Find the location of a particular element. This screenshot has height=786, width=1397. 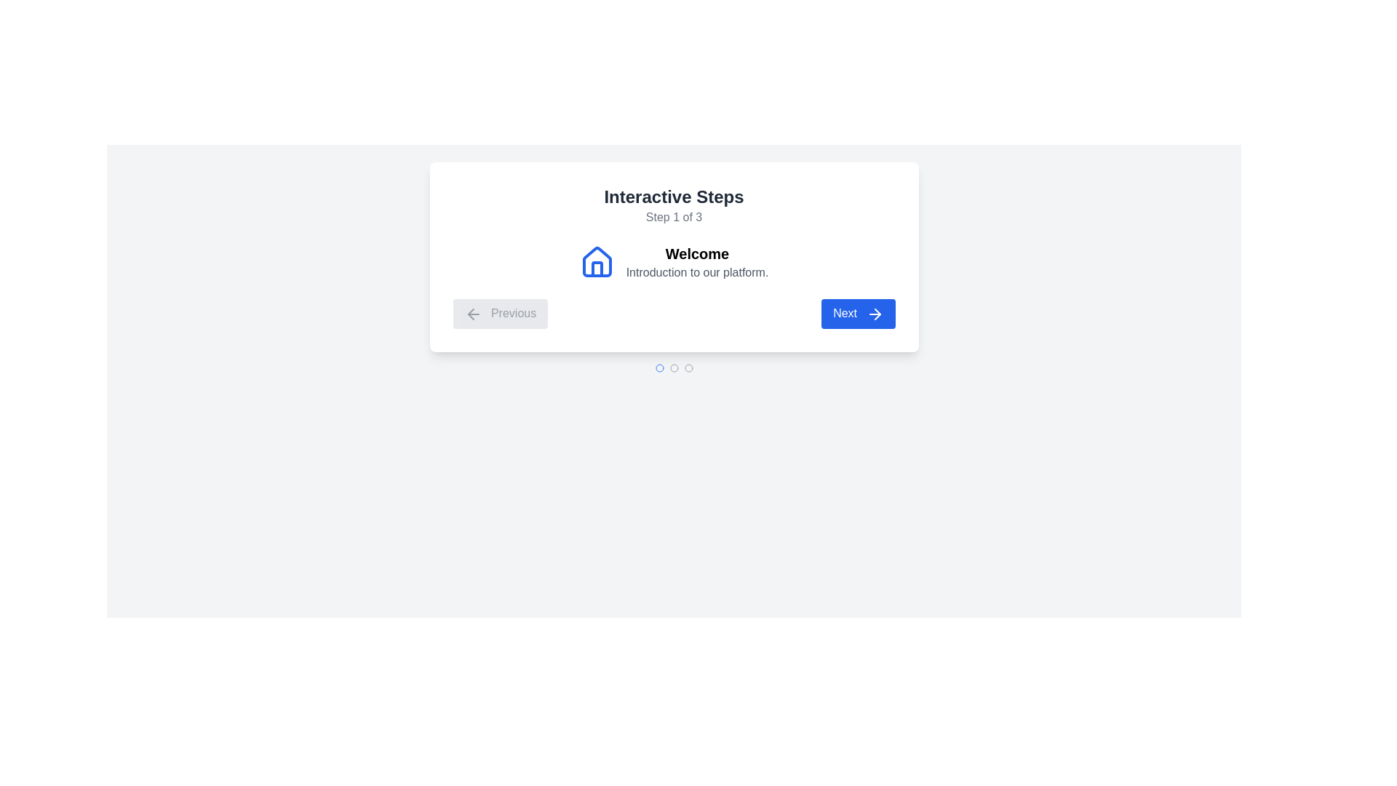

the left-pointing arrow icon within the 'Previous' button located at the bottom left corner of the interactive card is located at coordinates (471, 313).